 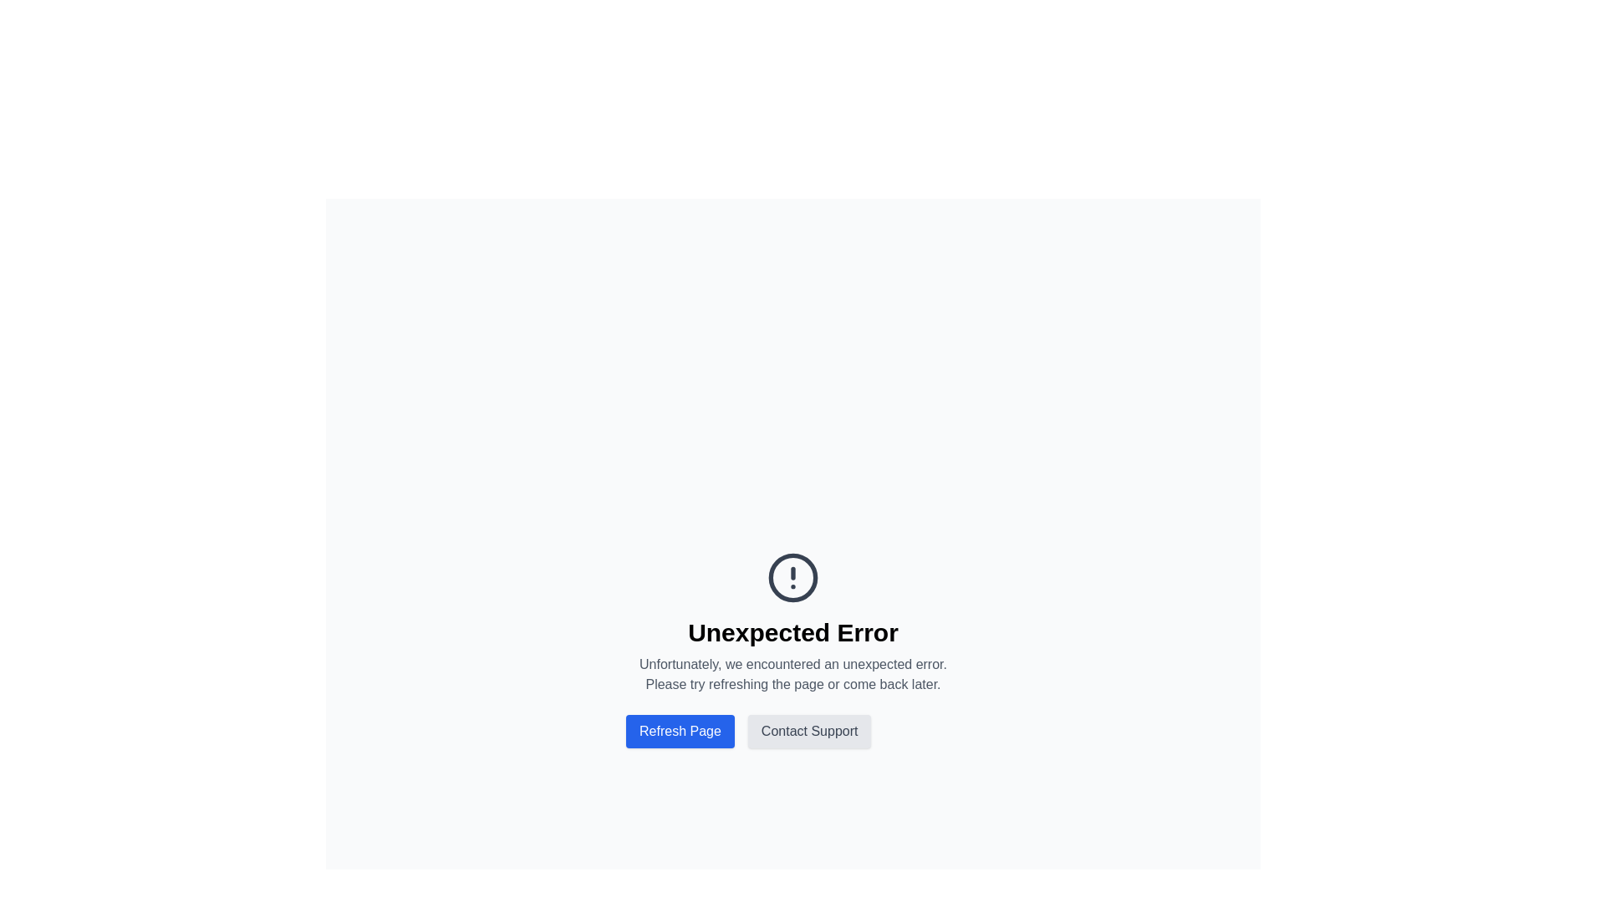 I want to click on the text label that informs the user about an error, located centrally beneath the title 'Unexpected Error', so click(x=792, y=673).